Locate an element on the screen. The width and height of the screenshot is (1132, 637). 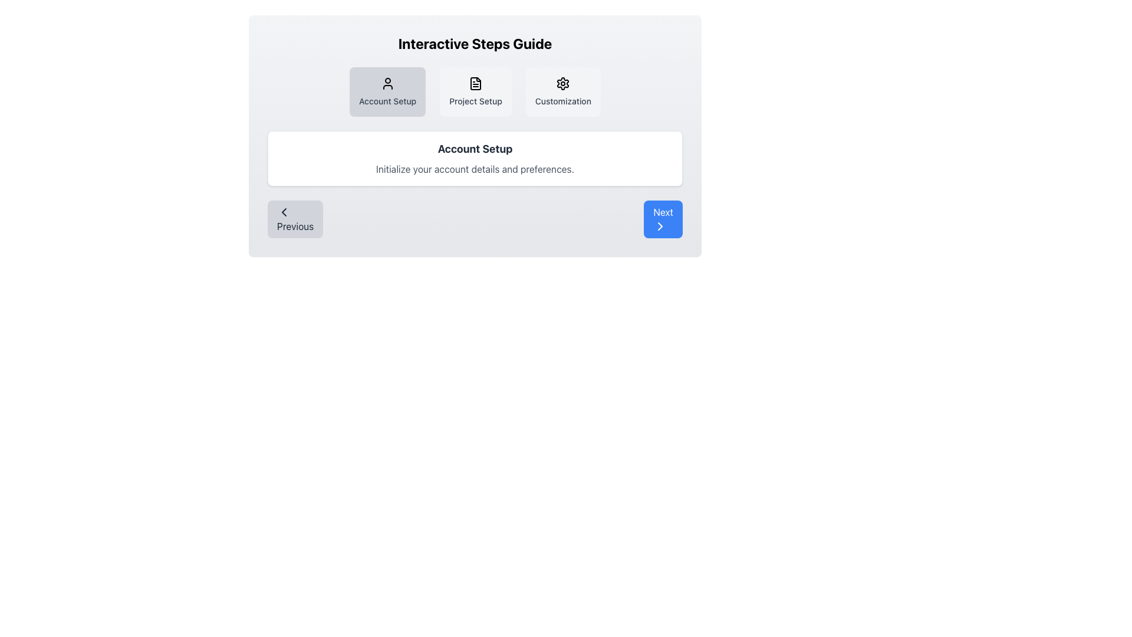
the 'Project Setup' button, which is the middle section of the navigation items in the 'Interactive Steps Guide' layout is located at coordinates (475, 91).